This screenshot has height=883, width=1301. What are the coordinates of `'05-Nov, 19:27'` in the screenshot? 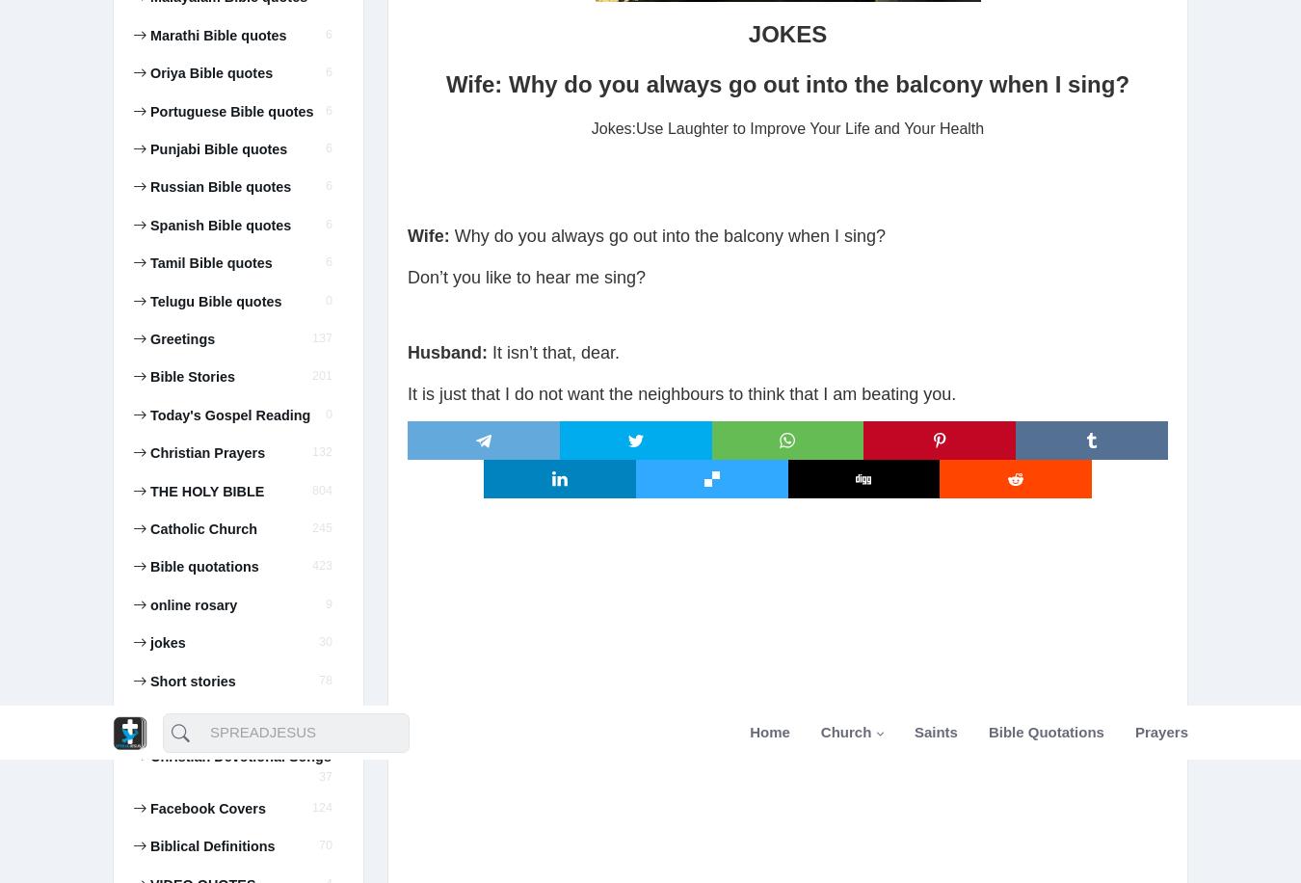 It's located at (184, 239).